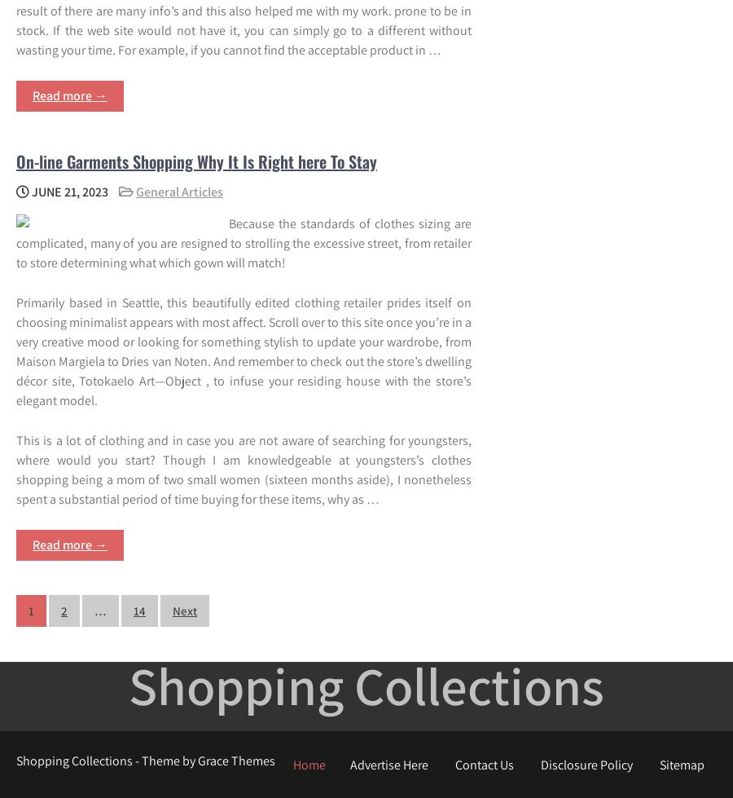 Image resolution: width=733 pixels, height=798 pixels. Describe the element at coordinates (15, 242) in the screenshot. I see `'Because the standards of clothes sizing are complicated, many of you are resigned to strolling the excessive street, from retailer to store determining what which gown will match!'` at that location.